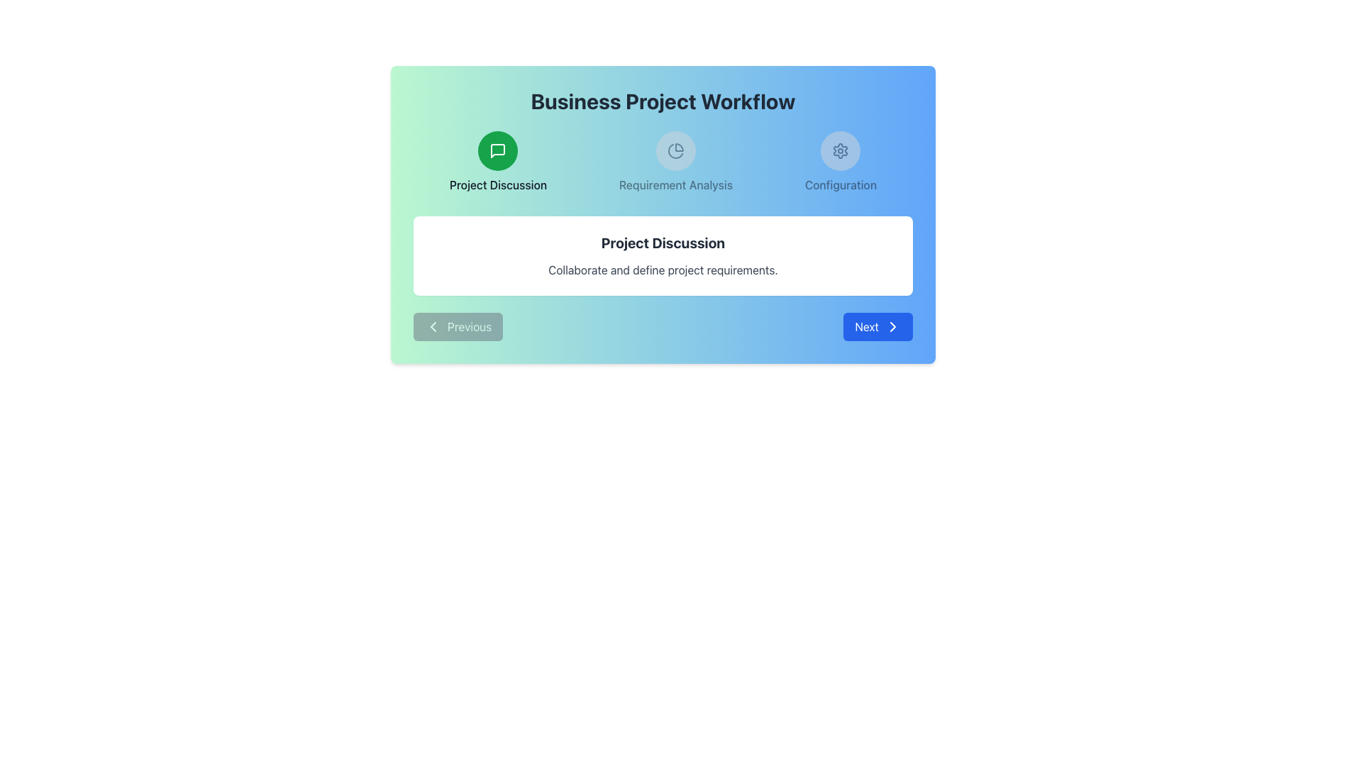 The width and height of the screenshot is (1362, 766). What do you see at coordinates (675, 161) in the screenshot?
I see `the Interactive workflow step indicator element, which features a circular icon with a pie-chart glyph in gray tones, located above the text 'Requirement Analysis'` at bounding box center [675, 161].